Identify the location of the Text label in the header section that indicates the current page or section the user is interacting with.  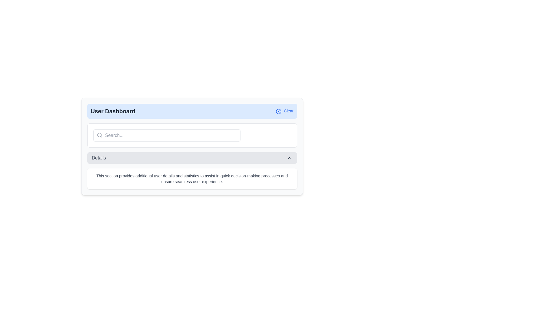
(113, 111).